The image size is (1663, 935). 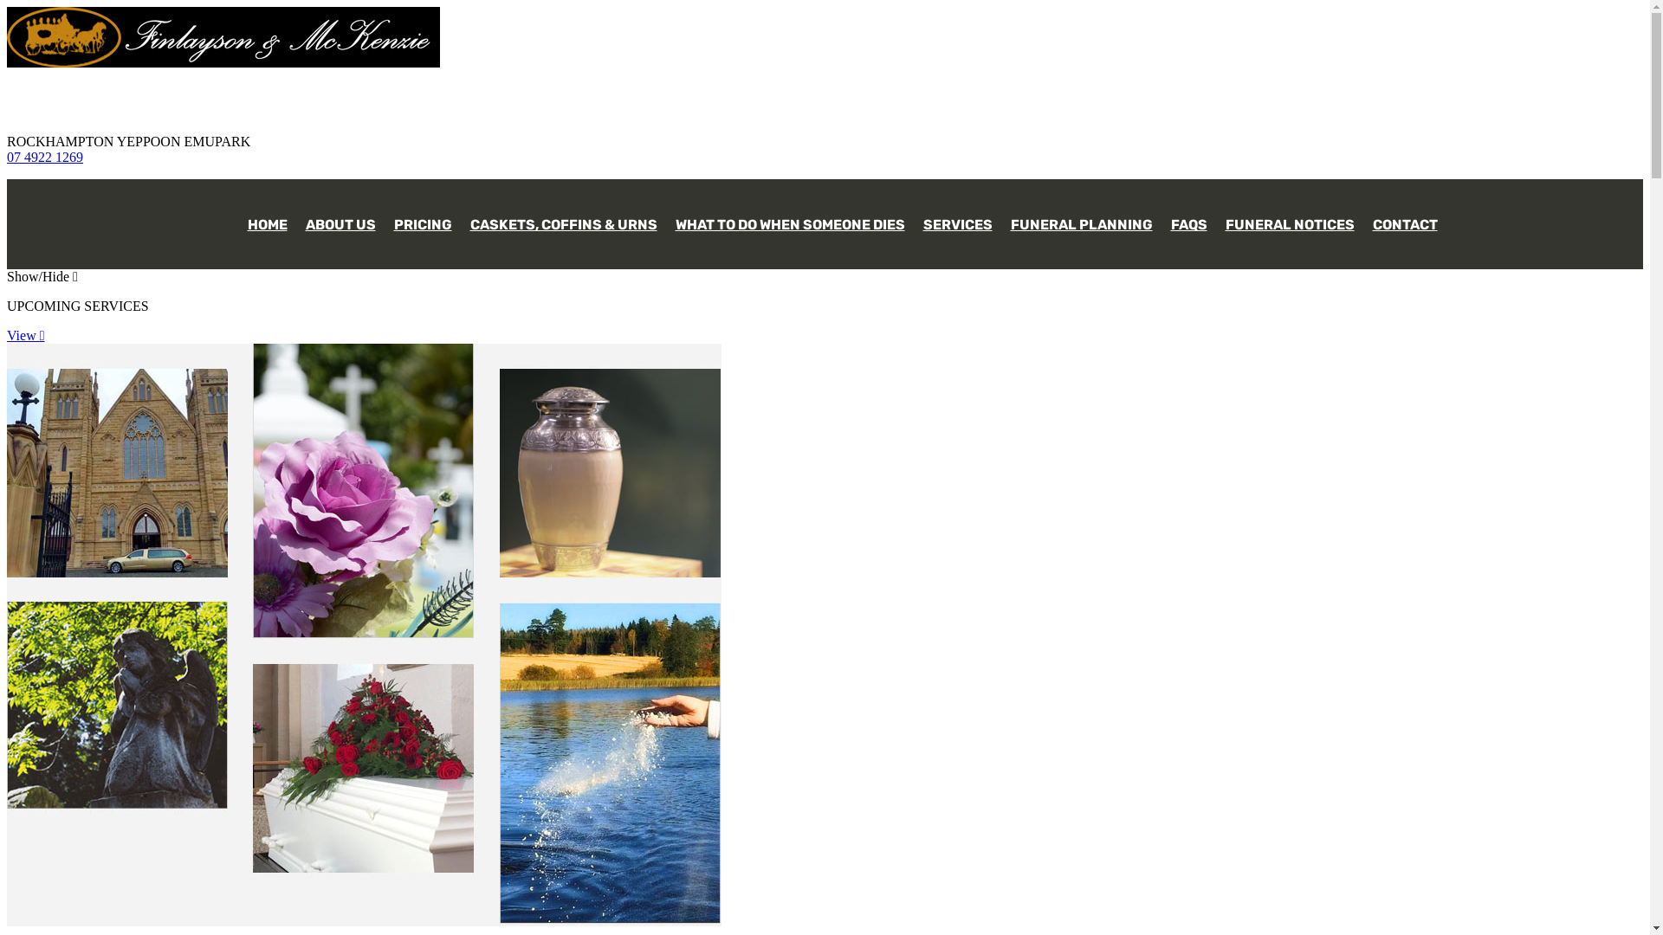 What do you see at coordinates (1080, 216) in the screenshot?
I see `'FUNERAL PLANNING'` at bounding box center [1080, 216].